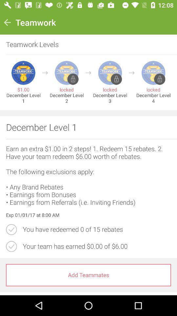  I want to click on the item below exp 01 01 icon, so click(96, 229).